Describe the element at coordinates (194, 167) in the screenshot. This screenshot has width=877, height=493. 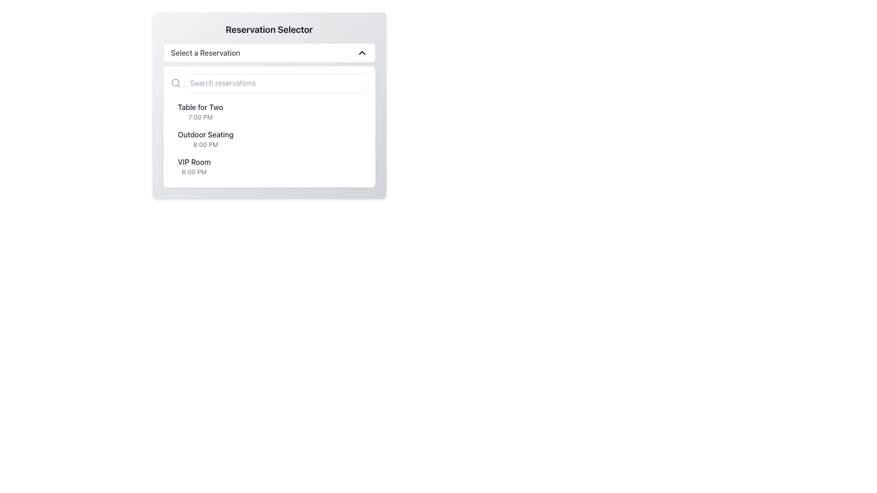
I see `the third list item labeled 'VIP Room'` at that location.